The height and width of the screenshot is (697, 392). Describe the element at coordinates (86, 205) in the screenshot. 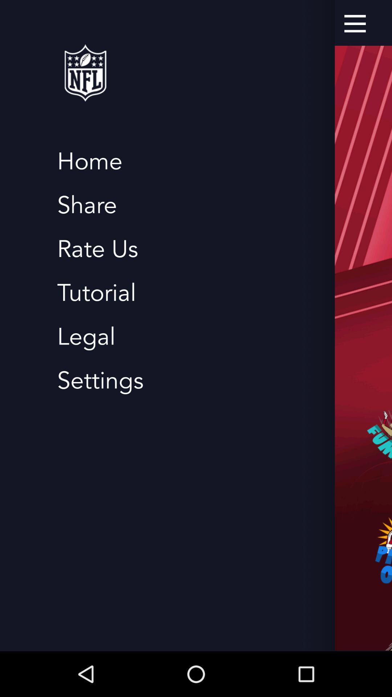

I see `icon above rate us item` at that location.